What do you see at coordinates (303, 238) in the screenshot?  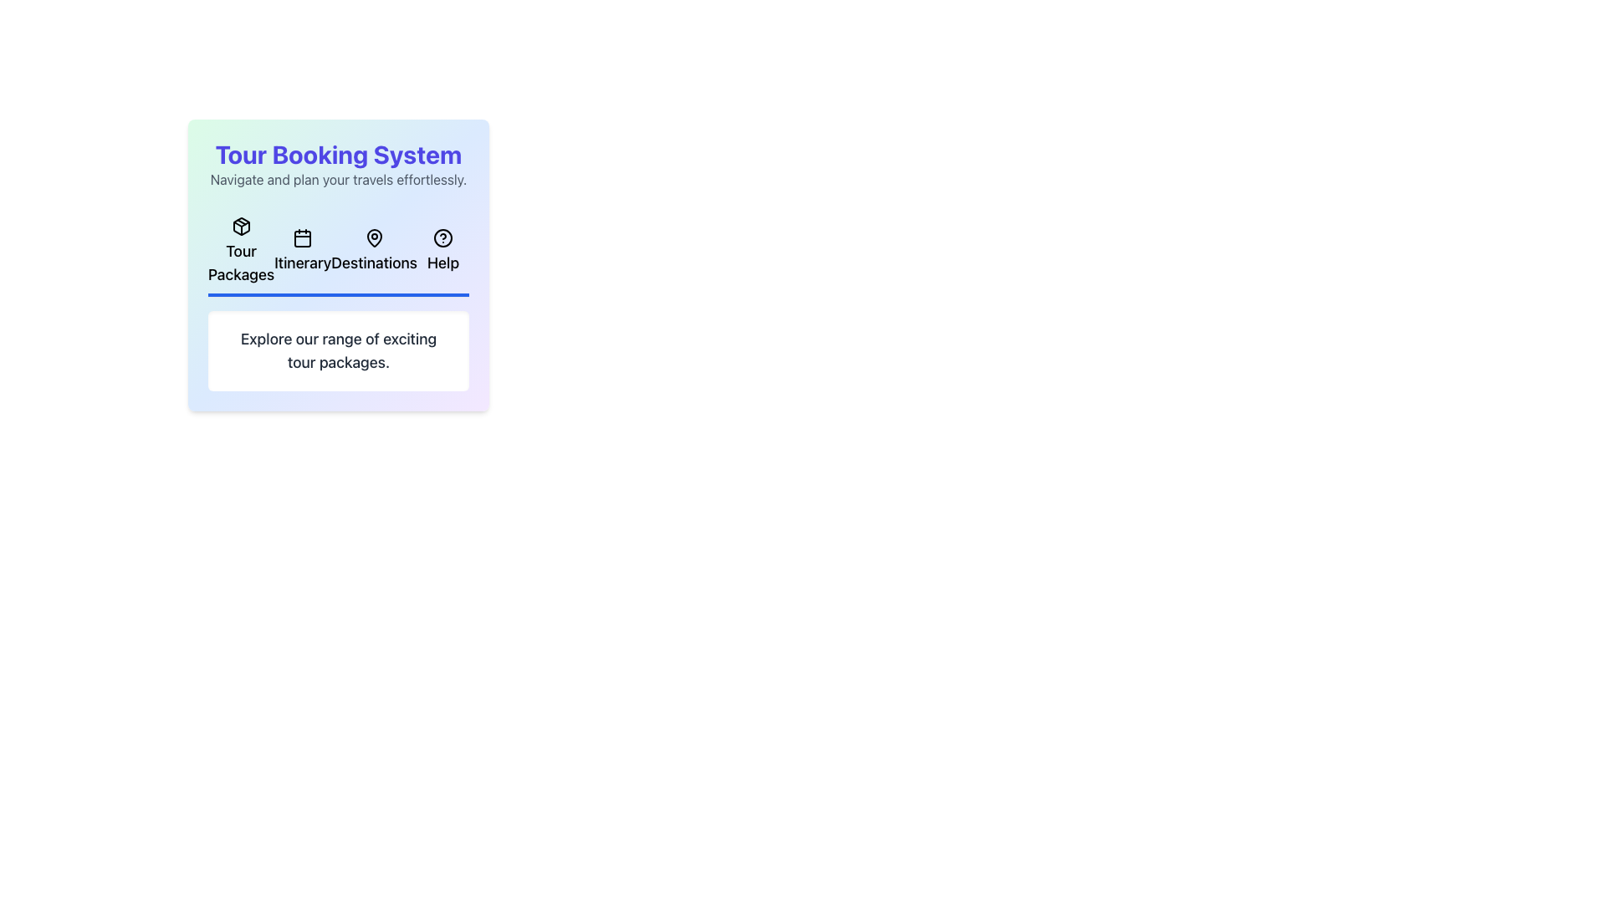 I see `the 'Itinerary' icon, which is the second icon in the row of the 'Tour Booking System' card layout` at bounding box center [303, 238].